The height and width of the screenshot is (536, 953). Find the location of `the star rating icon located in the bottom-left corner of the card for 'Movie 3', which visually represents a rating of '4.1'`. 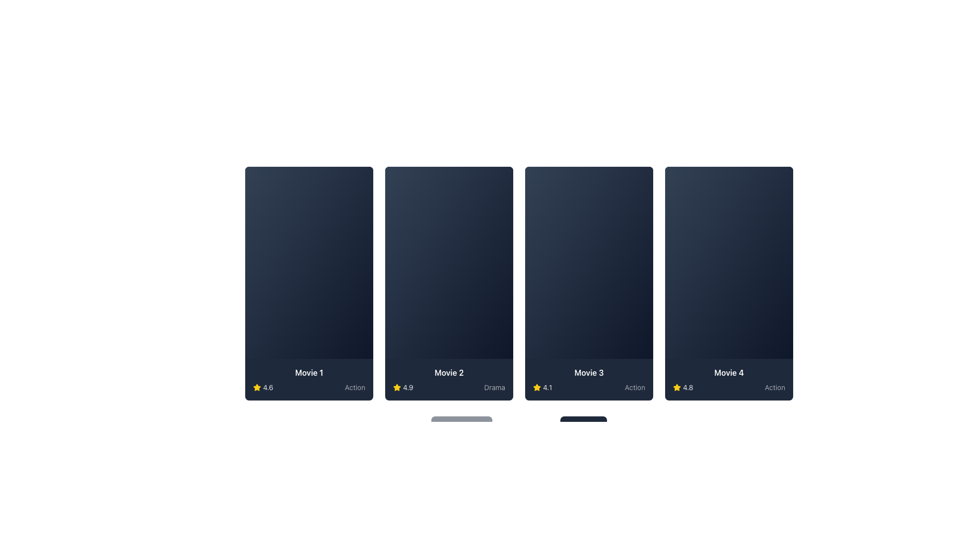

the star rating icon located in the bottom-left corner of the card for 'Movie 3', which visually represents a rating of '4.1' is located at coordinates (536, 387).